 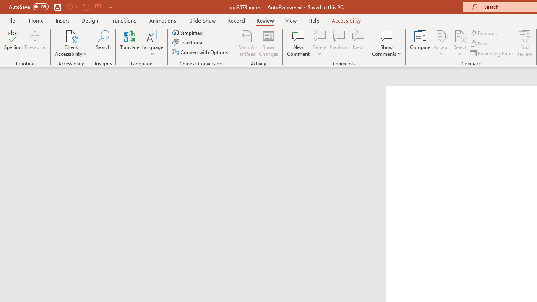 I want to click on 'Spelling...', so click(x=13, y=43).